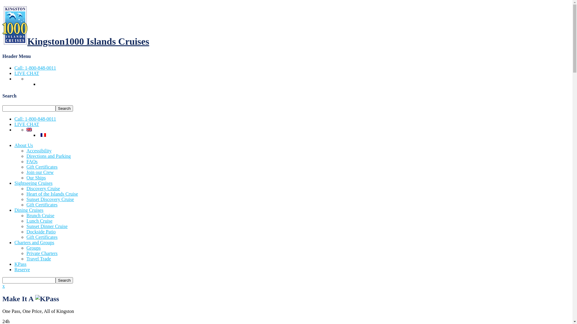  Describe the element at coordinates (35, 67) in the screenshot. I see `'Call: 1-800-848-0011'` at that location.